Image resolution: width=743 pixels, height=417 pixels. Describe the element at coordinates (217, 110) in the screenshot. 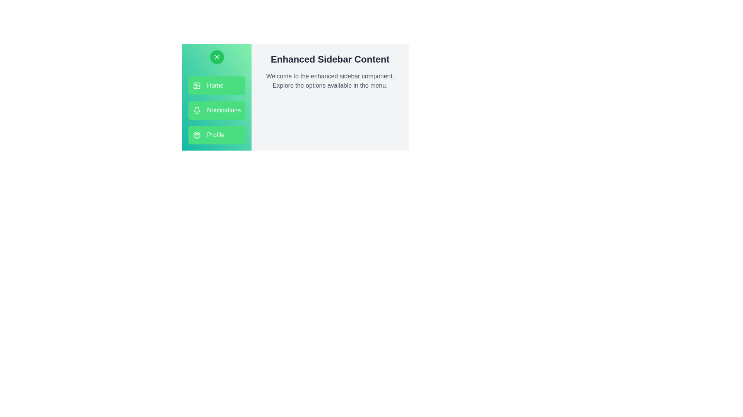

I see `the menu option Notifications` at that location.